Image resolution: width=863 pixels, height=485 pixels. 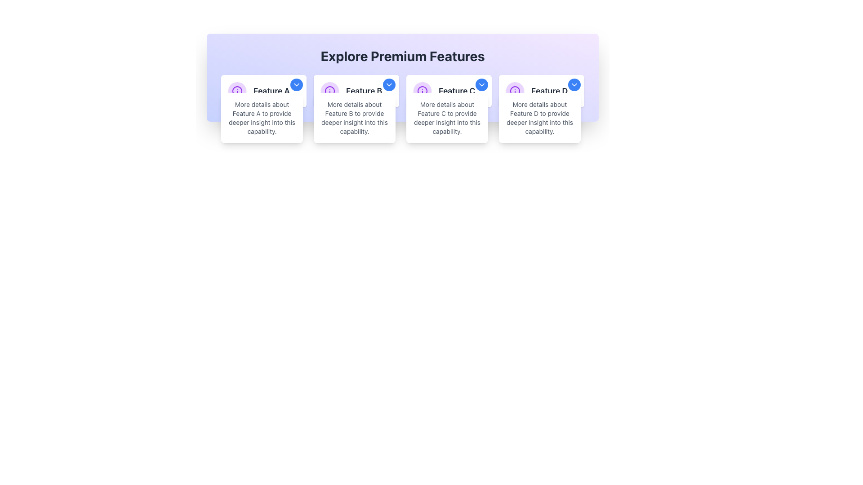 What do you see at coordinates (329, 91) in the screenshot?
I see `the second circular icon from the left that represents information or help related to 'Feature B' to interact with it or reveal related information` at bounding box center [329, 91].